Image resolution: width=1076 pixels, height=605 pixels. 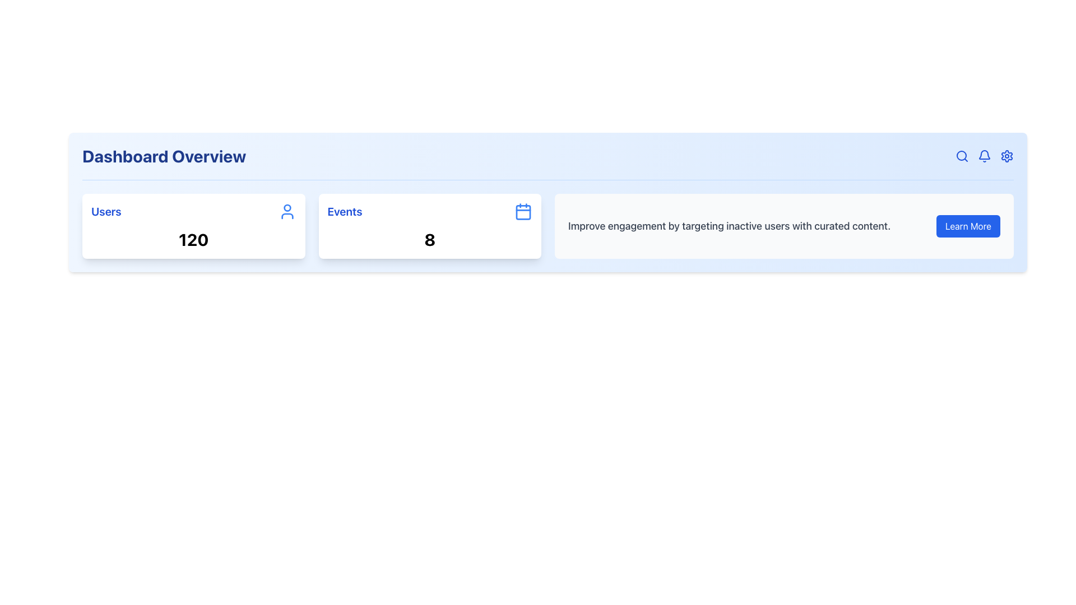 I want to click on the inner circular component of the magnifying glass icon located in the top-right corner of the interface, so click(x=961, y=155).